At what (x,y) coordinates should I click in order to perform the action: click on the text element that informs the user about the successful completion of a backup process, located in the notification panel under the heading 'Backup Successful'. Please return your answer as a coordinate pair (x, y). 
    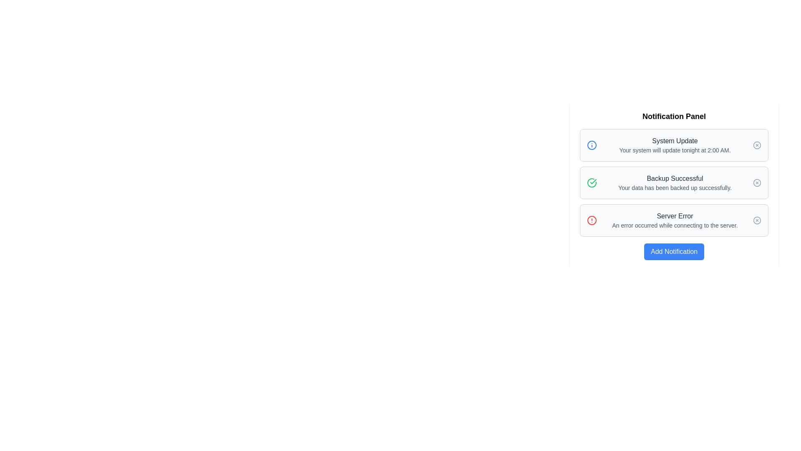
    Looking at the image, I should click on (675, 188).